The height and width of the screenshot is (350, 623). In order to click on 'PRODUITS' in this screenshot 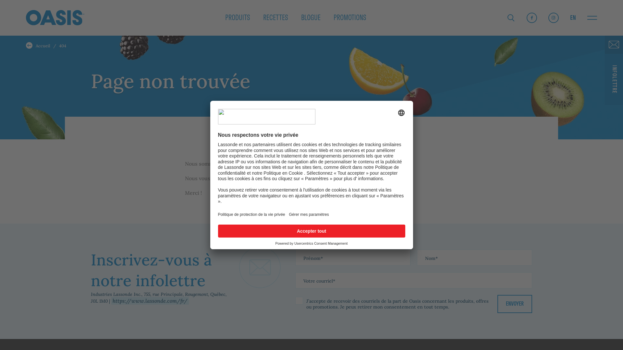, I will do `click(237, 17)`.